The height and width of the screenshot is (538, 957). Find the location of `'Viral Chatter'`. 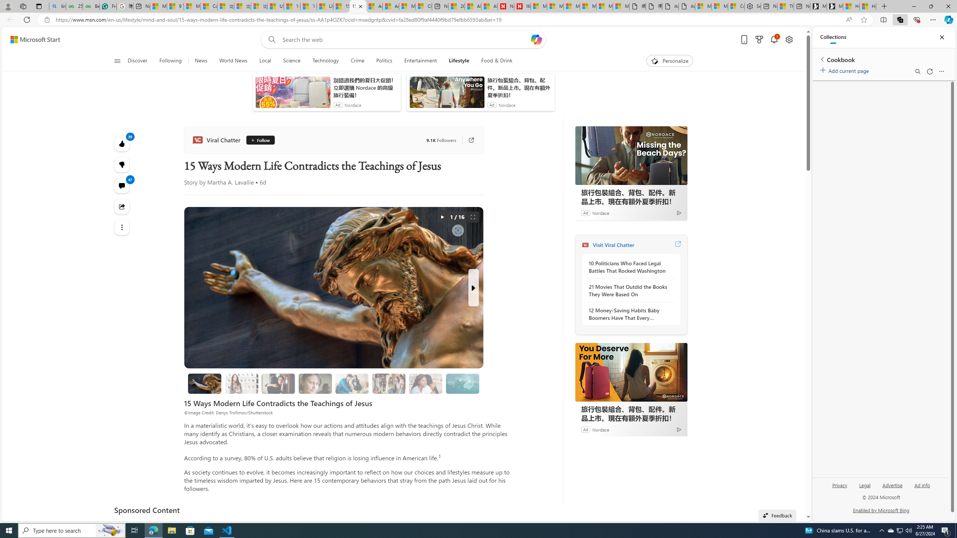

'Viral Chatter' is located at coordinates (218, 140).